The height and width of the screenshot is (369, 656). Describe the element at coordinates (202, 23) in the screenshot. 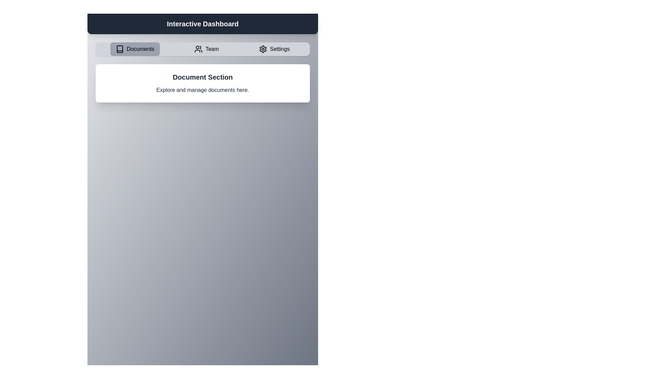

I see `the static text label indicating the name or purpose of the current interface, which is centrally positioned in the top navigation area` at that location.